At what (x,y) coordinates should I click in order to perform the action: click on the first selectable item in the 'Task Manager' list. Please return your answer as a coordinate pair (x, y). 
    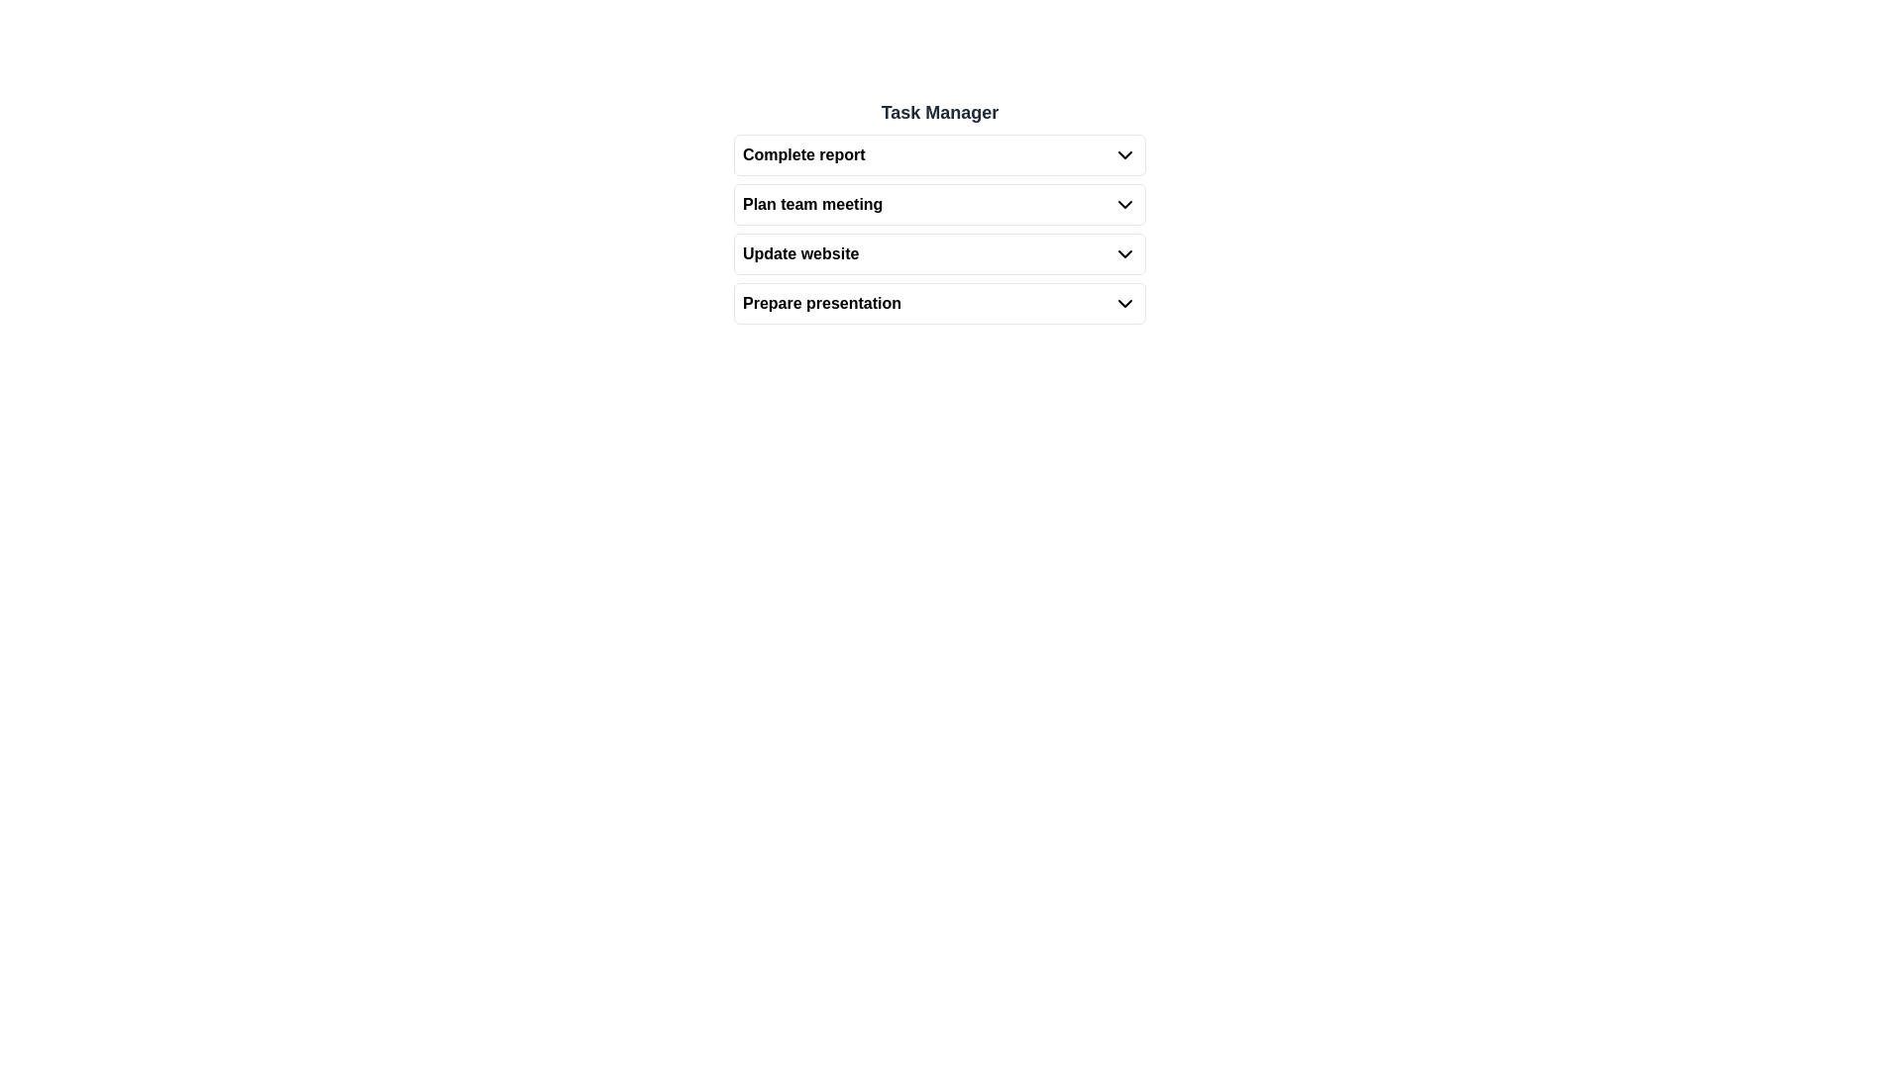
    Looking at the image, I should click on (939, 154).